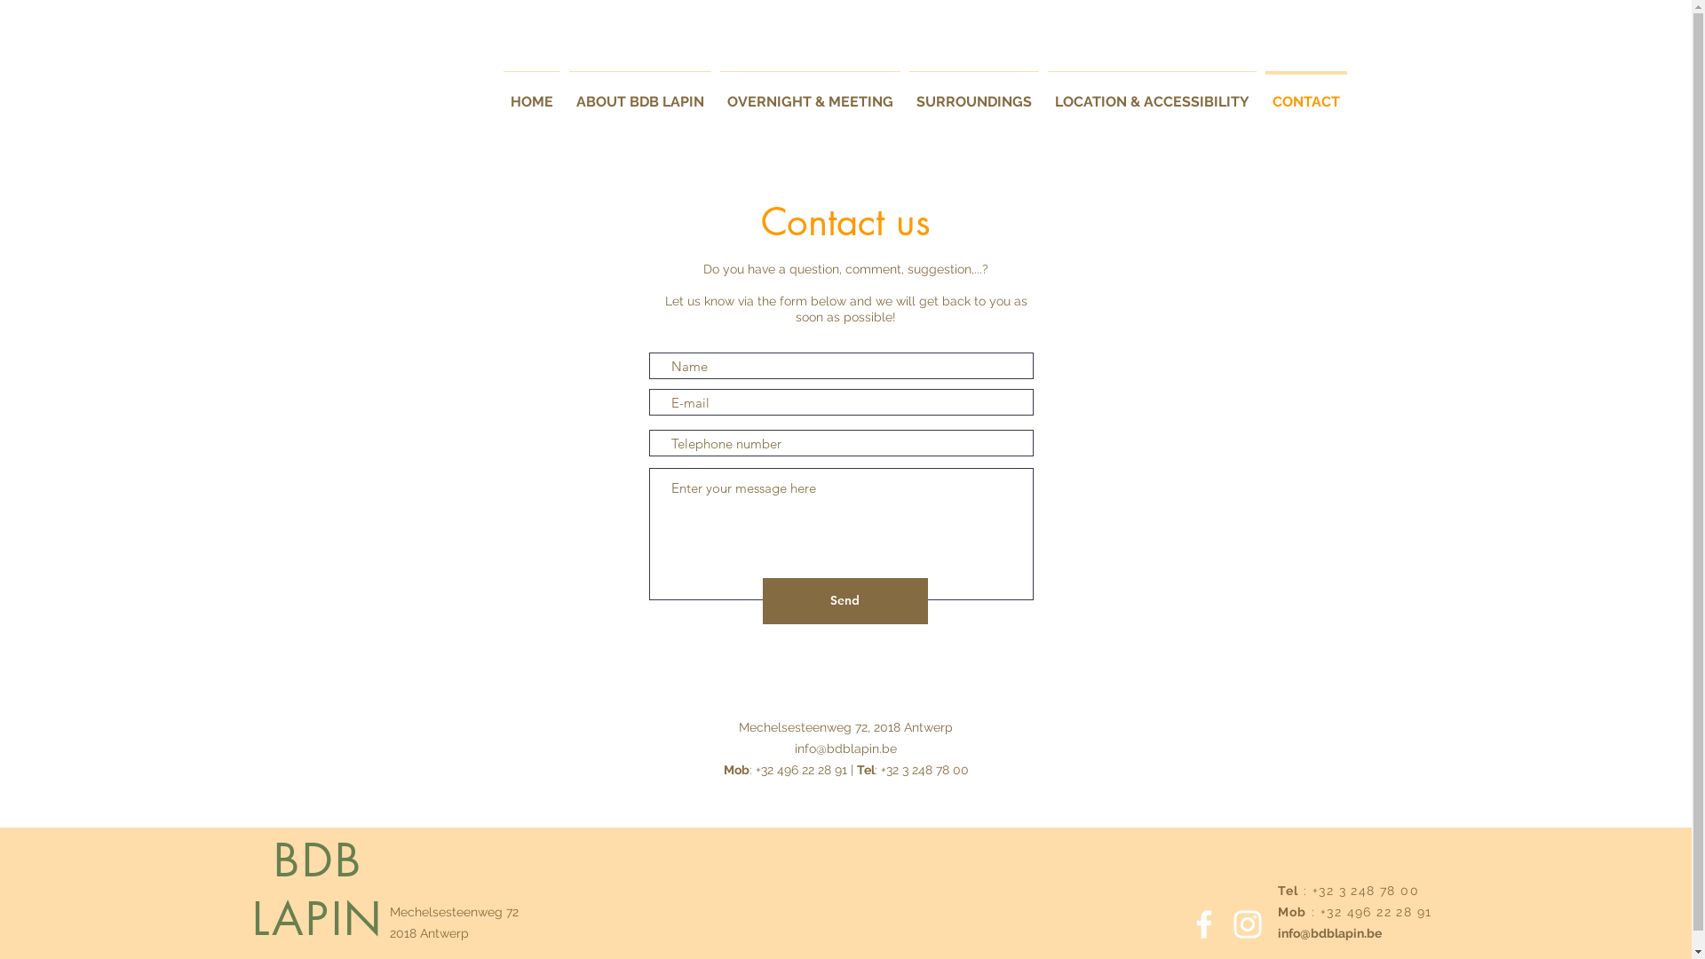 This screenshot has width=1705, height=959. What do you see at coordinates (843, 600) in the screenshot?
I see `'Send'` at bounding box center [843, 600].